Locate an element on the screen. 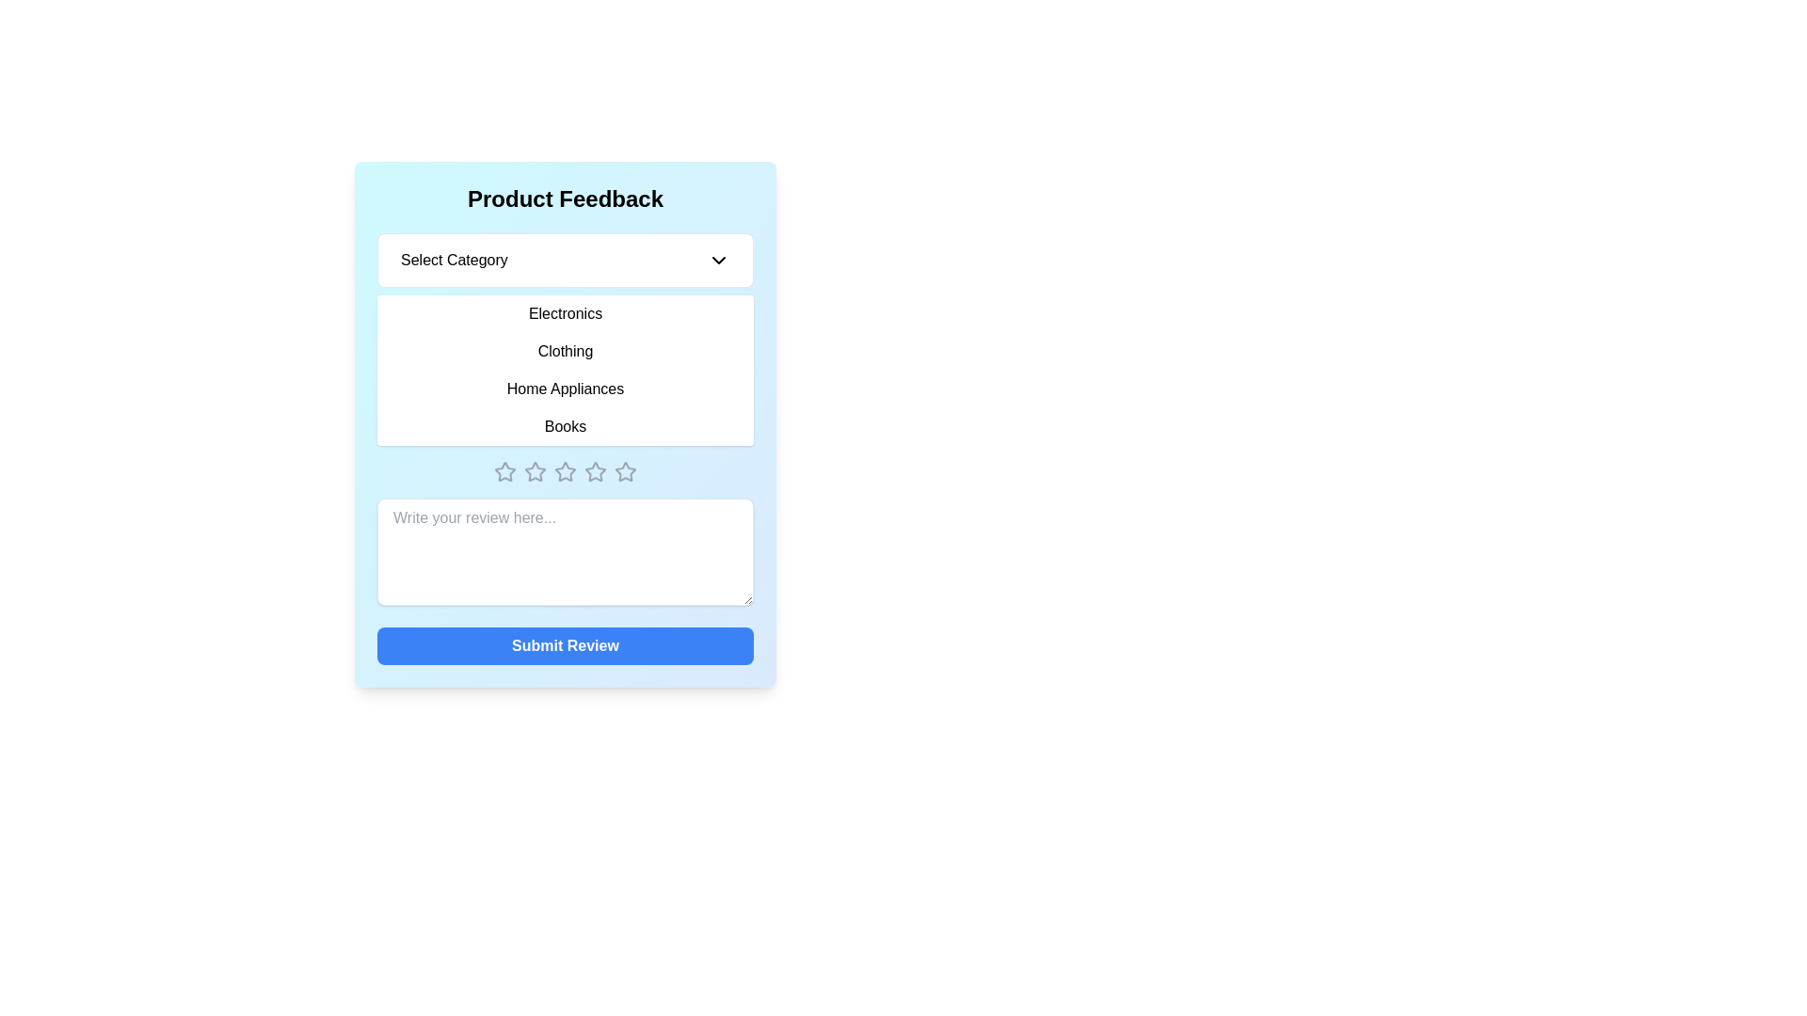 This screenshot has width=1807, height=1016. the 'Books' category option in the dropdown menu is located at coordinates (564, 427).